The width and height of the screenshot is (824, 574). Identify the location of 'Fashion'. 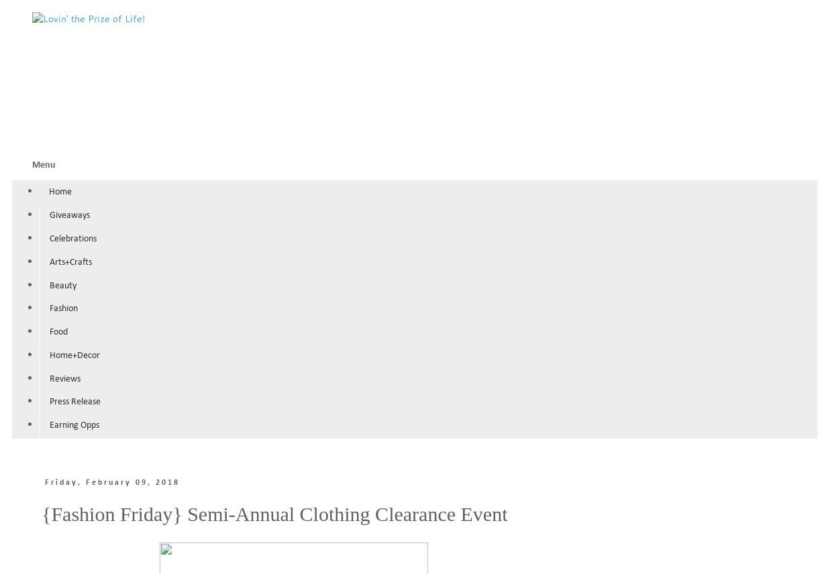
(64, 308).